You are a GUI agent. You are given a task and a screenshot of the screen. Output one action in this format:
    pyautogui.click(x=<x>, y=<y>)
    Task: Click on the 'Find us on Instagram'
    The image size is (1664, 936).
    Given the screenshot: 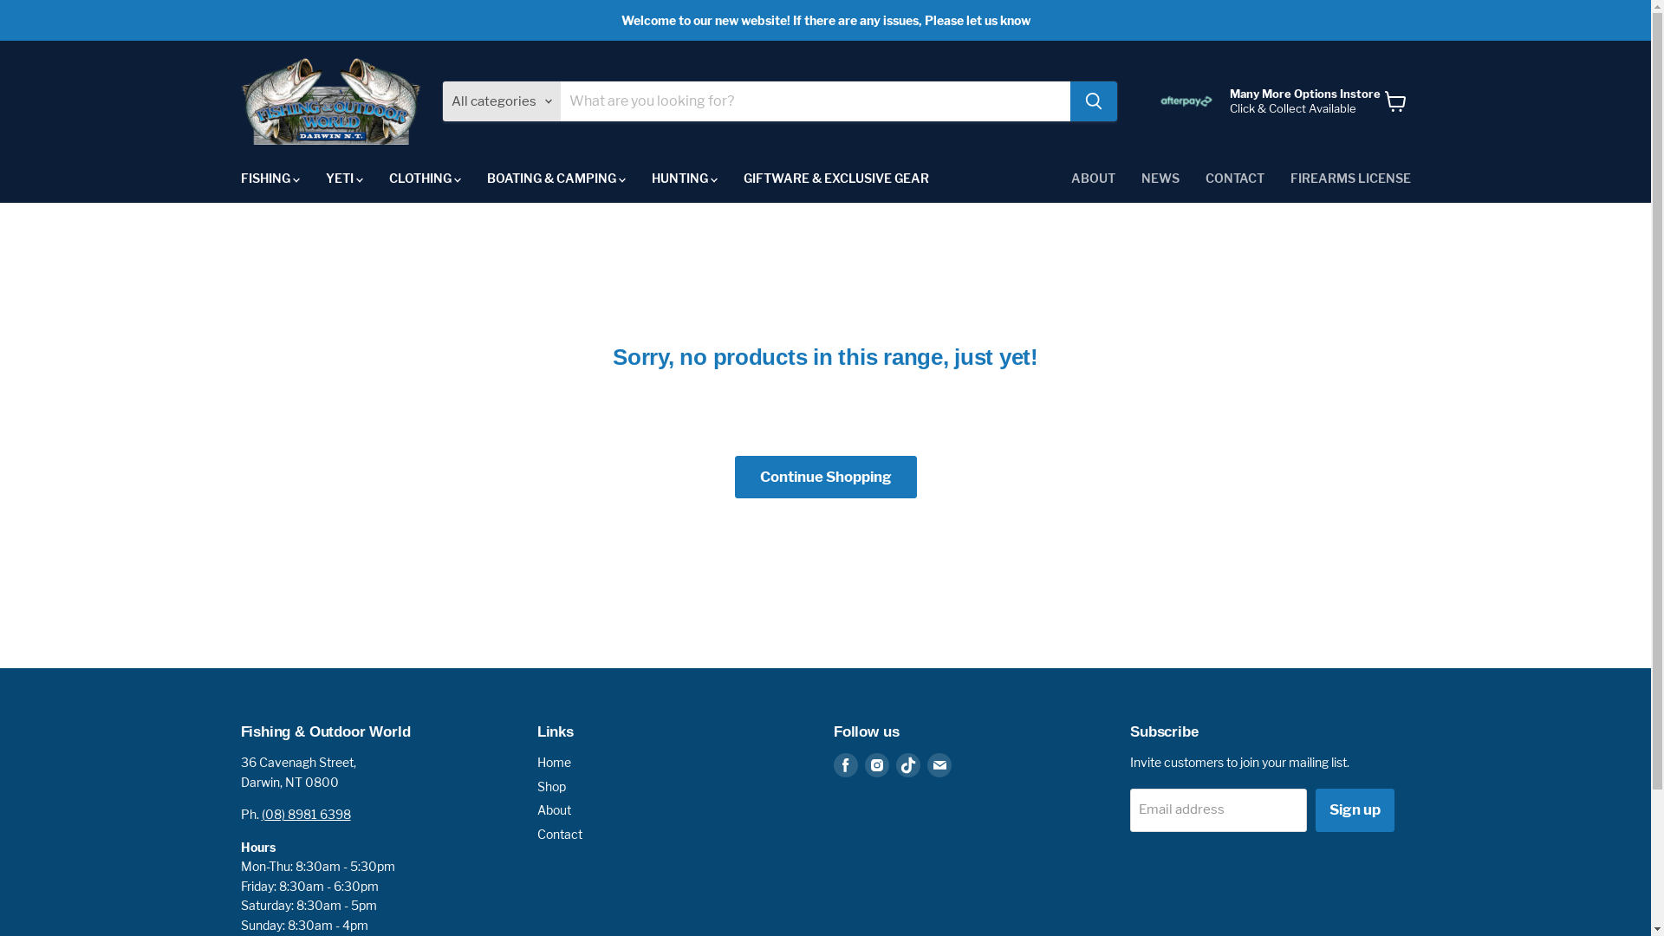 What is the action you would take?
    pyautogui.click(x=865, y=764)
    